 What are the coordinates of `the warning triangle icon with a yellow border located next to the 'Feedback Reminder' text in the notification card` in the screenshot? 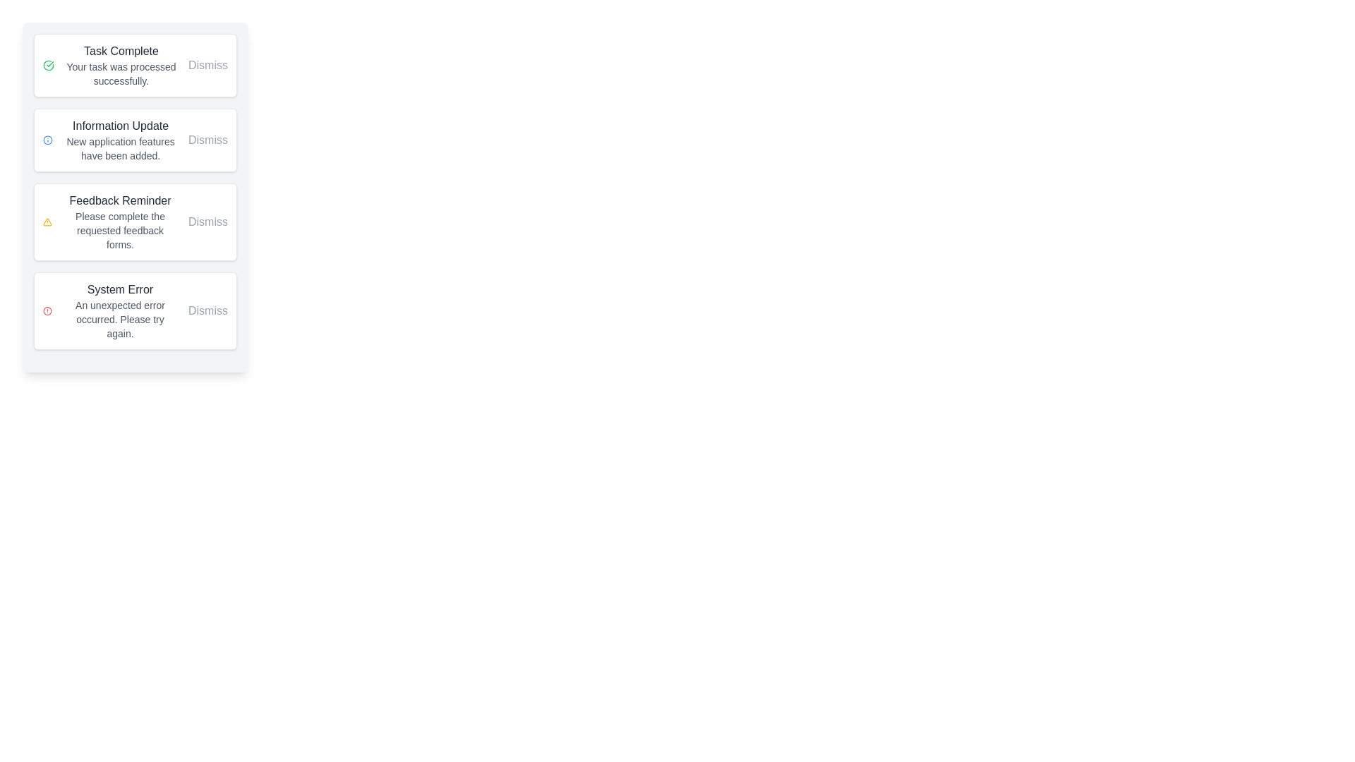 It's located at (47, 222).